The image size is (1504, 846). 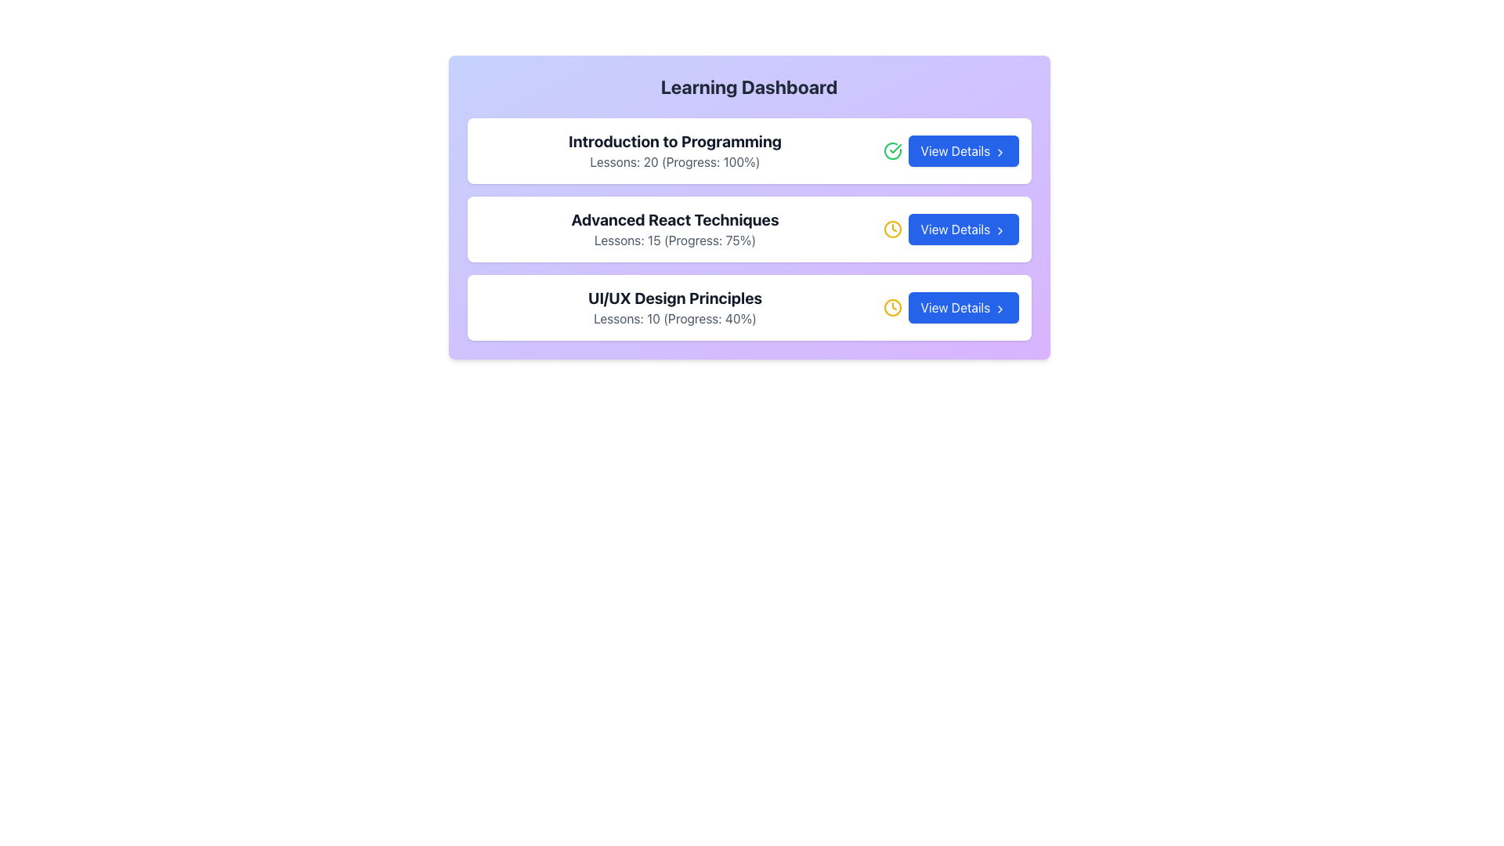 What do you see at coordinates (892, 308) in the screenshot?
I see `the yellow circular icon resembling a clock face located in the second list item of 'Advanced React Techniques', to the left of the 'View Details' button` at bounding box center [892, 308].